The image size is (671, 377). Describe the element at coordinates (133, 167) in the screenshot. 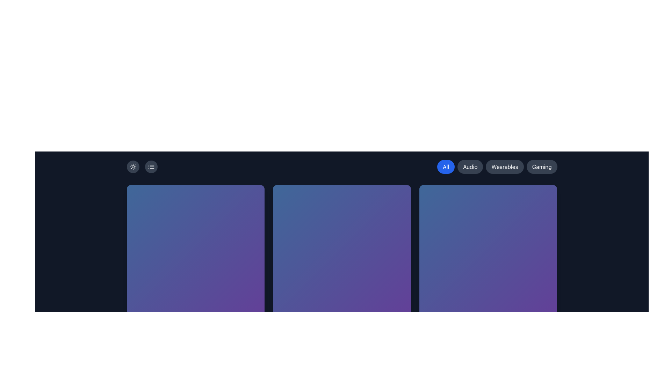

I see `the circular button with a dark gray background and a sun-like icon` at that location.